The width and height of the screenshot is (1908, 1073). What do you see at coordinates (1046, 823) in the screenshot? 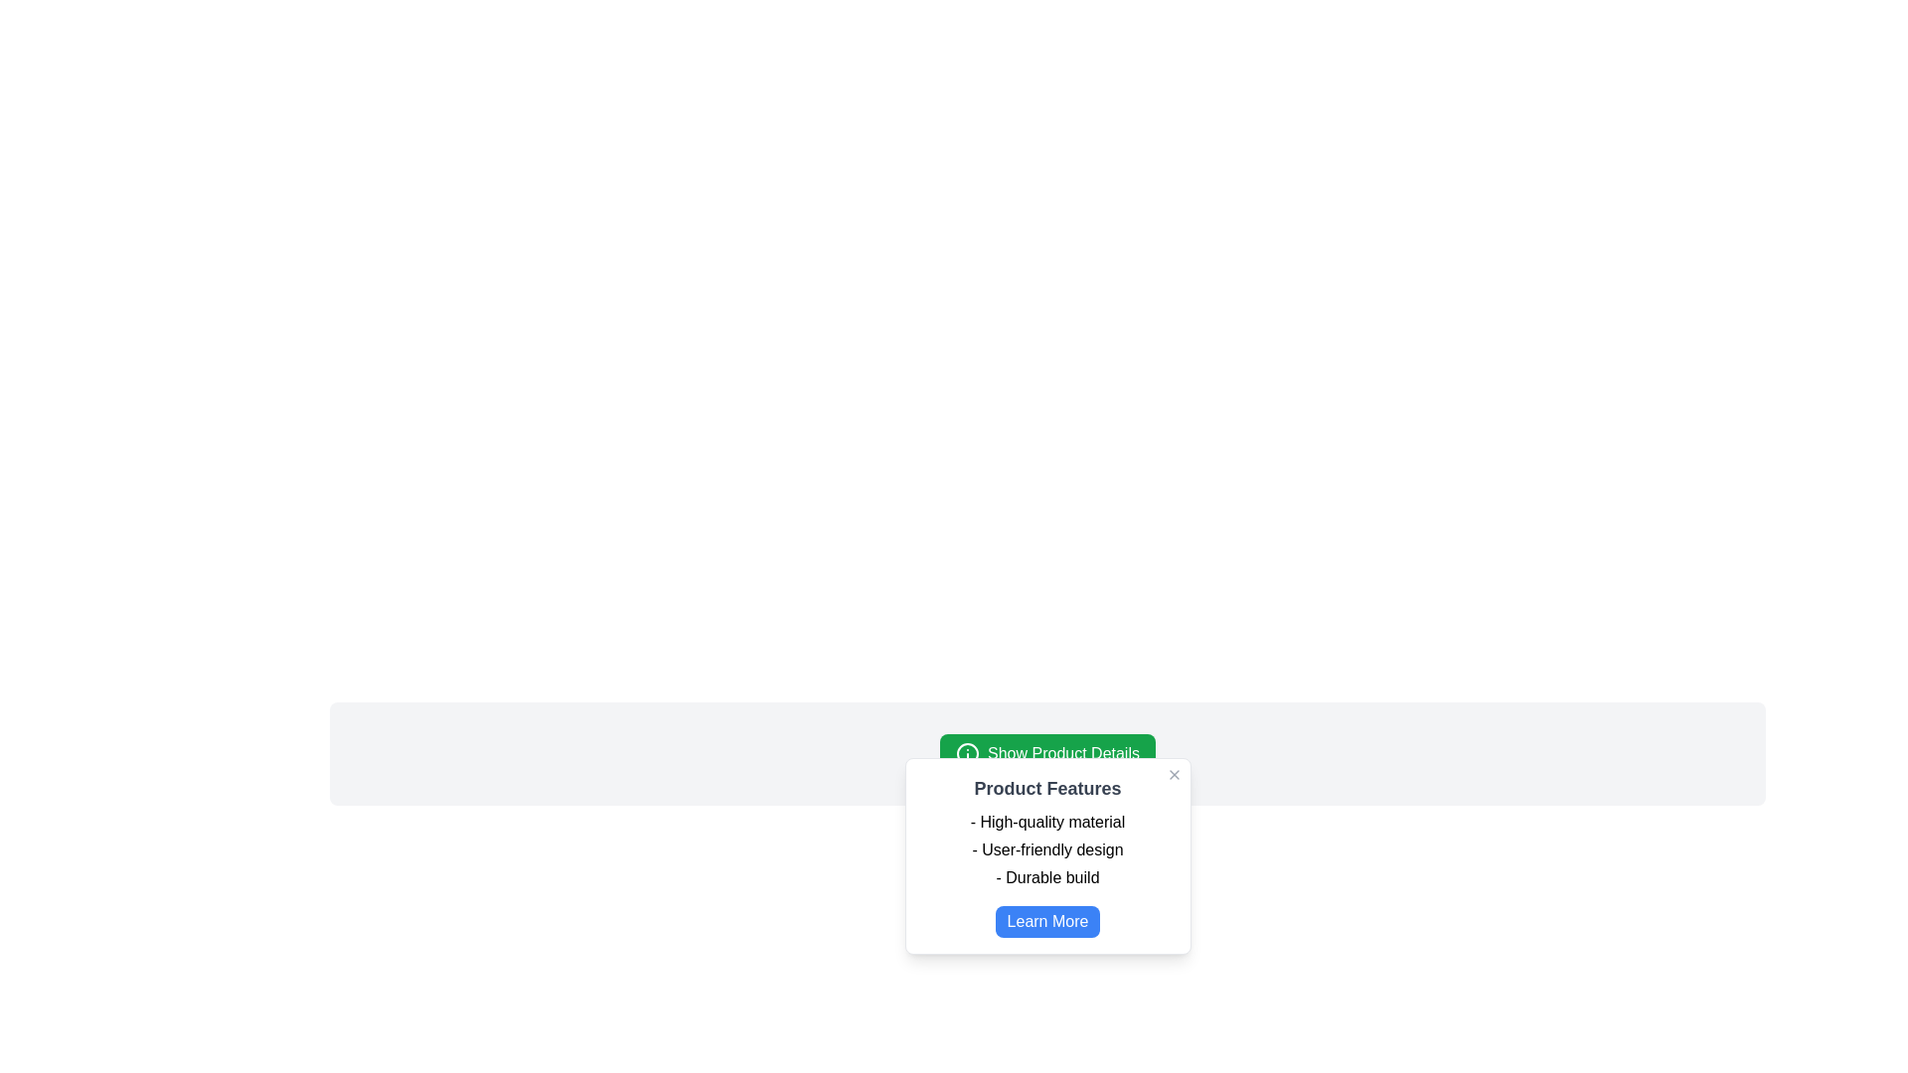
I see `the first text label in the 'Product Features' modal, which highlights the material quality of the product` at bounding box center [1046, 823].